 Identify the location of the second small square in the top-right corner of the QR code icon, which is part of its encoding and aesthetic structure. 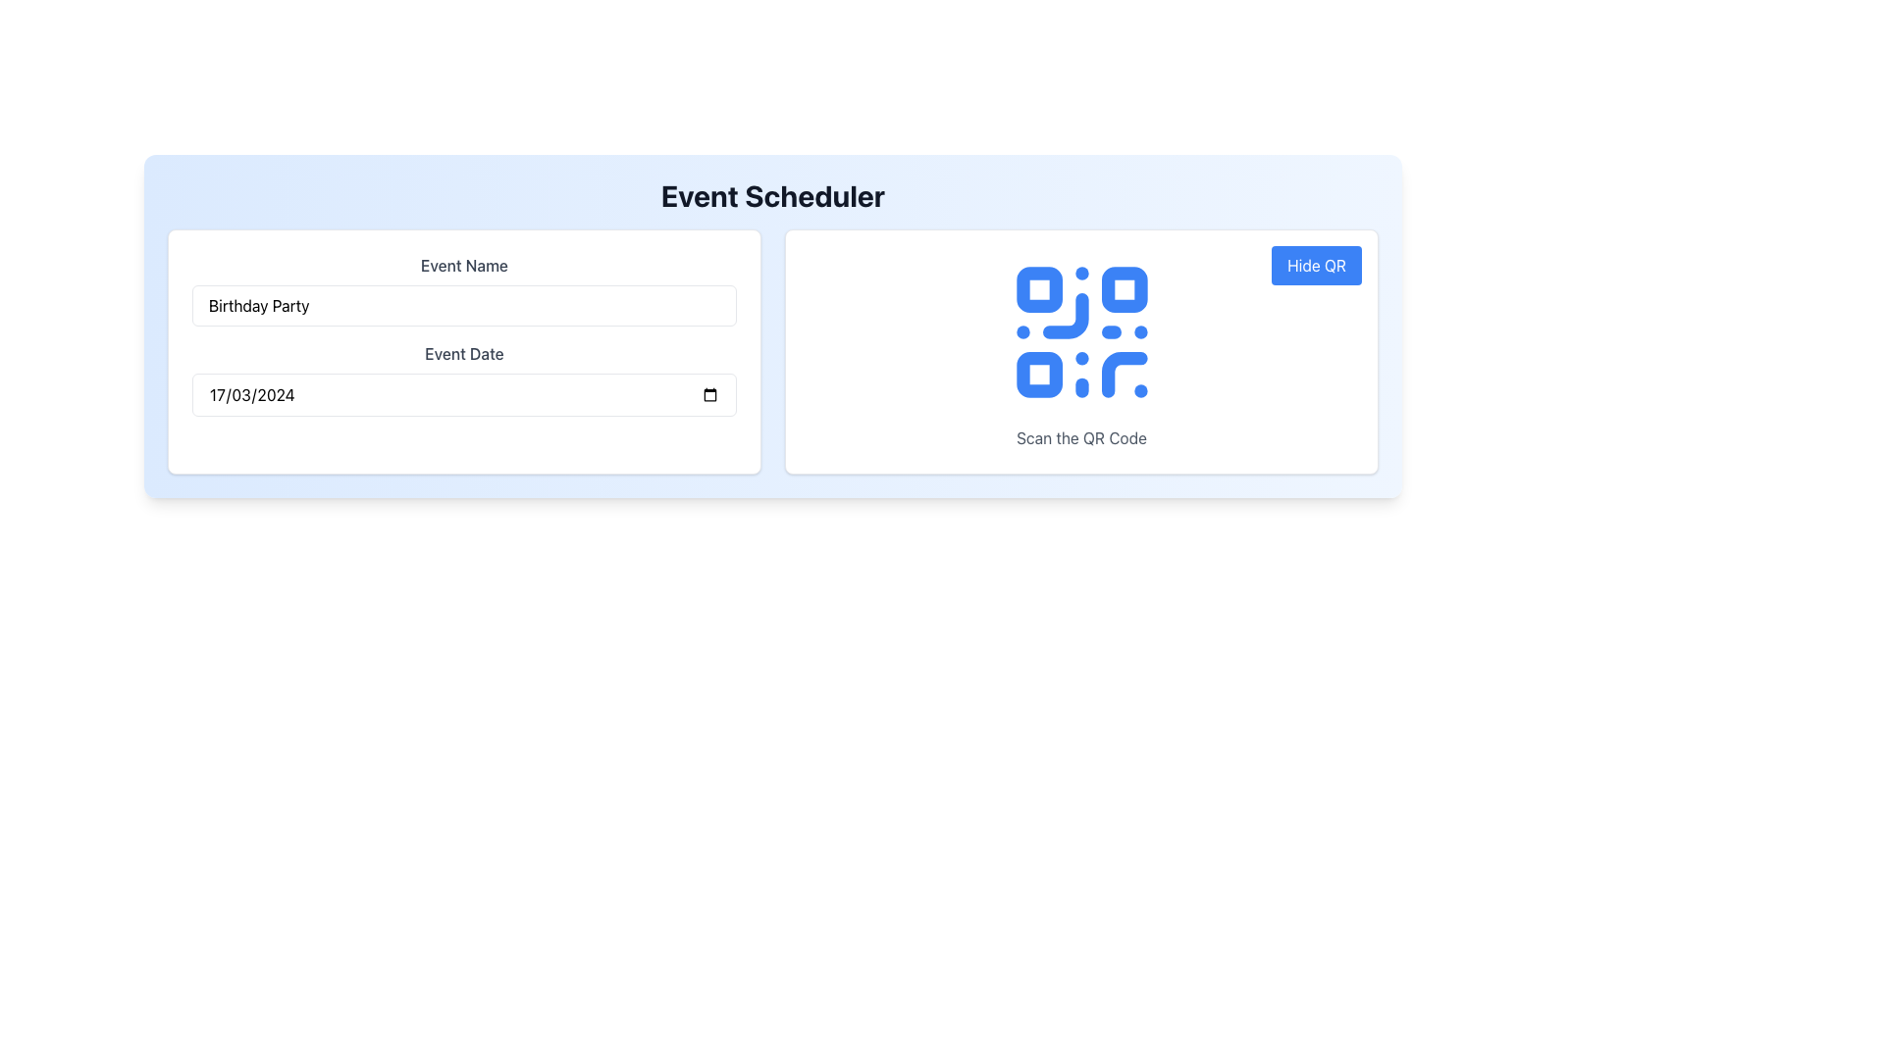
(1124, 289).